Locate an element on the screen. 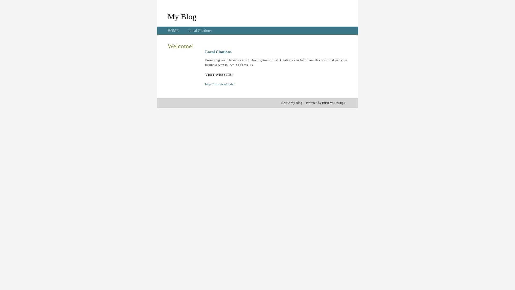 This screenshot has width=515, height=290. 'HOME' is located at coordinates (167, 31).